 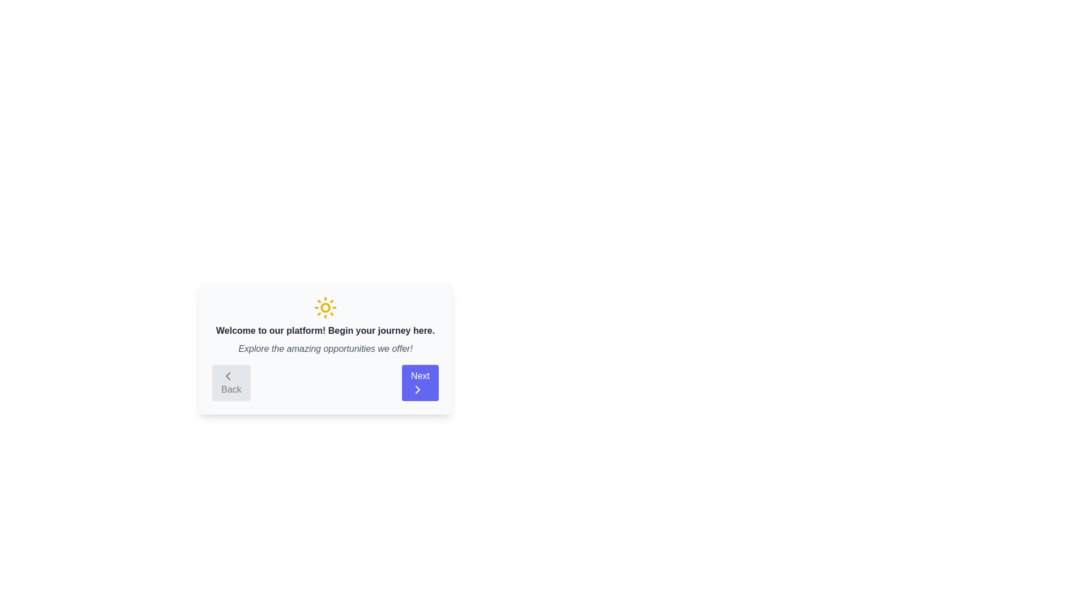 I want to click on the 'Next' button to navigate to the next step in the onboarding process, so click(x=420, y=382).